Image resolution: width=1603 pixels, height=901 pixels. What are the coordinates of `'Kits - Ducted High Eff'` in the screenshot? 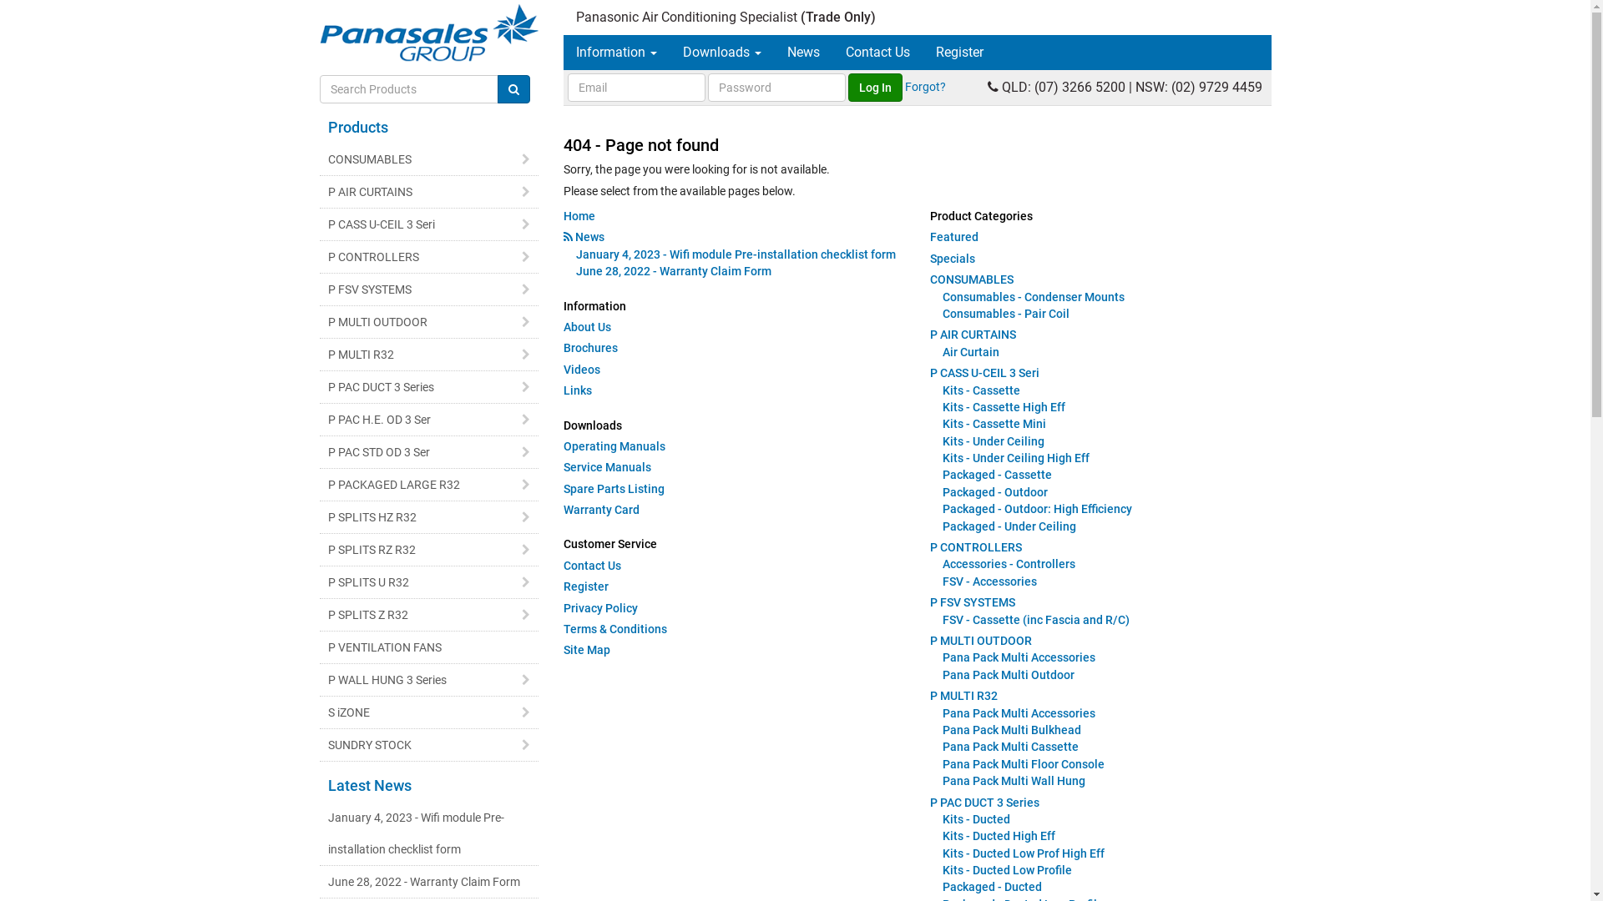 It's located at (999, 836).